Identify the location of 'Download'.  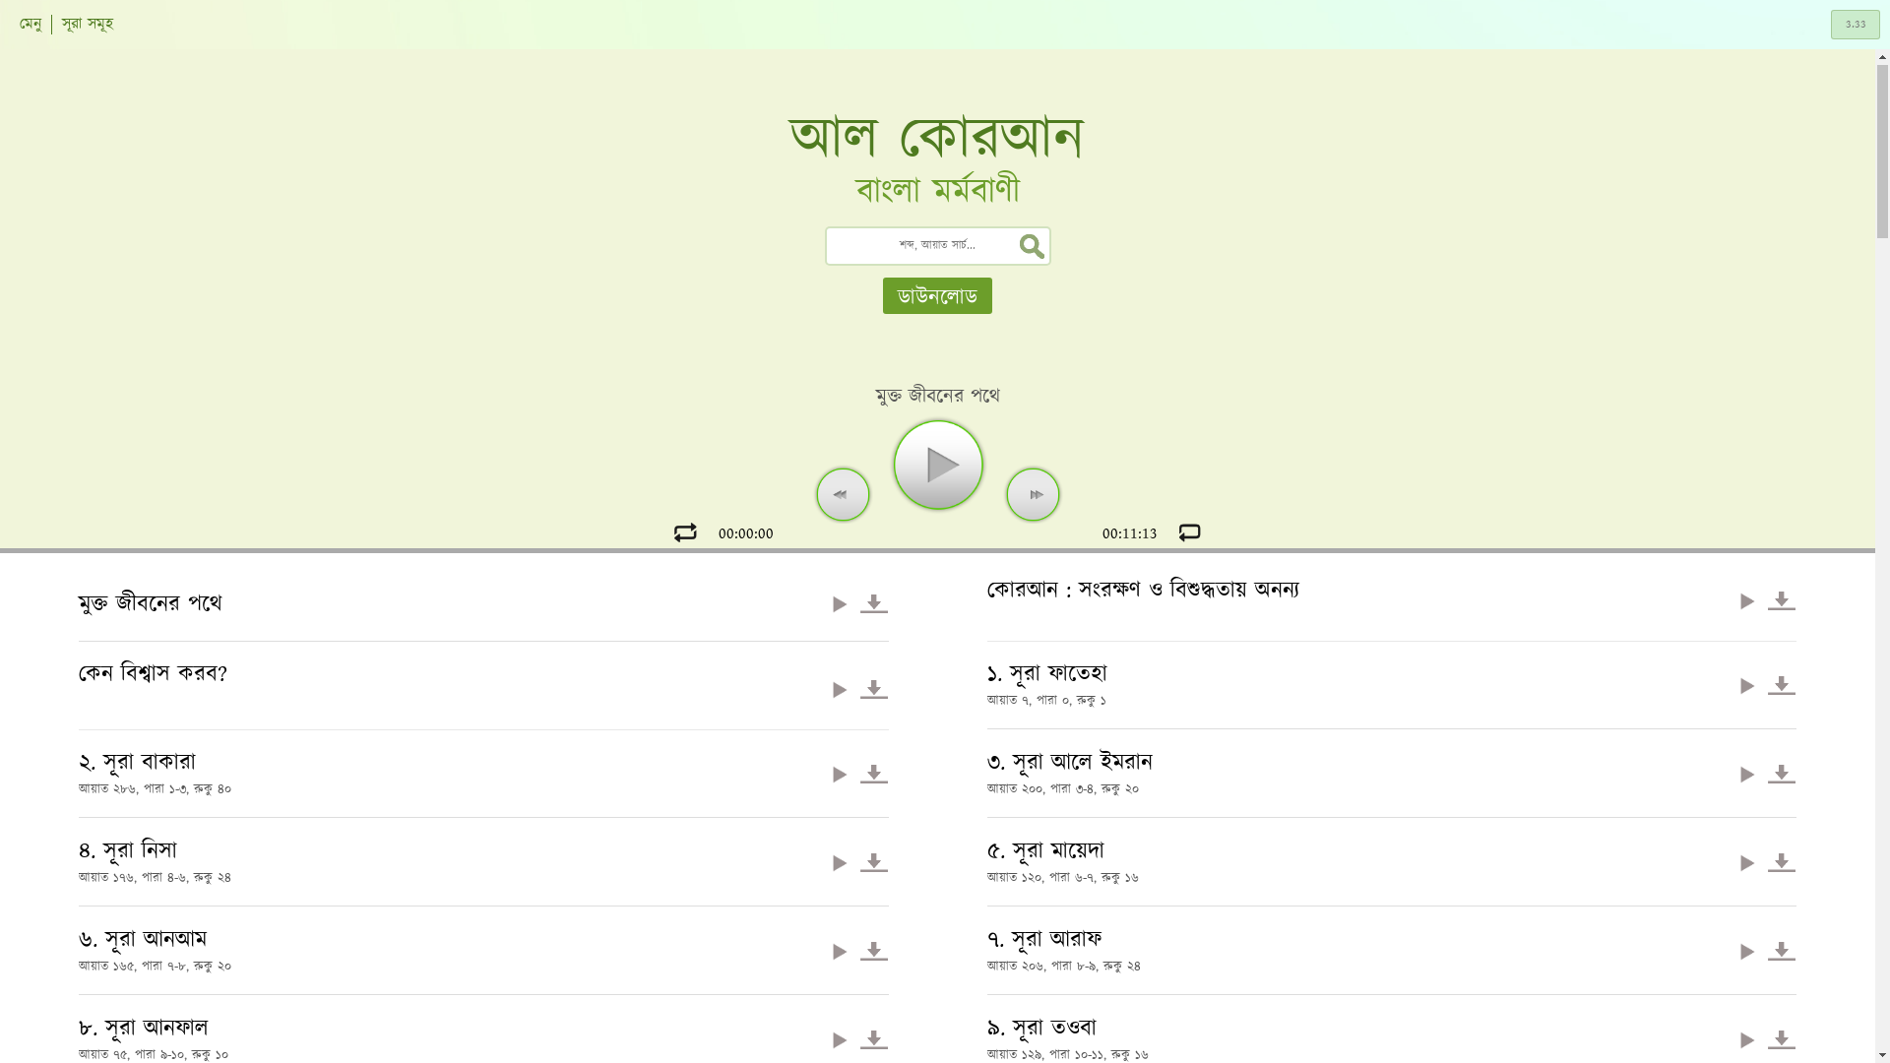
(1767, 684).